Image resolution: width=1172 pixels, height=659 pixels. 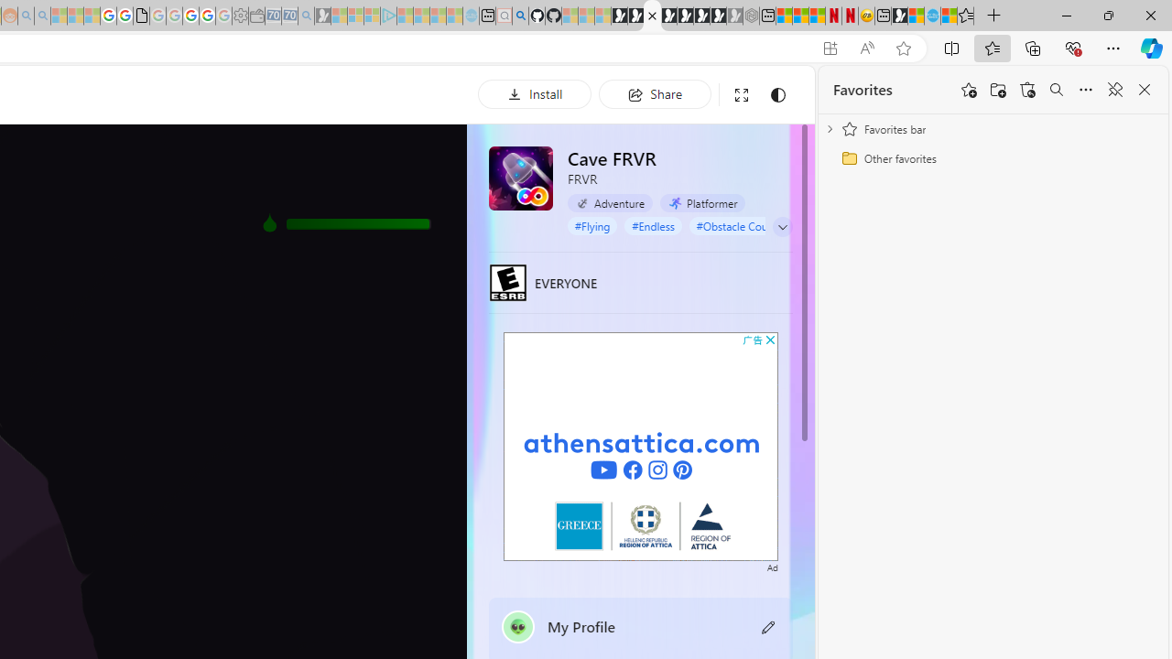 What do you see at coordinates (641, 446) in the screenshot?
I see `'Advertisement'` at bounding box center [641, 446].